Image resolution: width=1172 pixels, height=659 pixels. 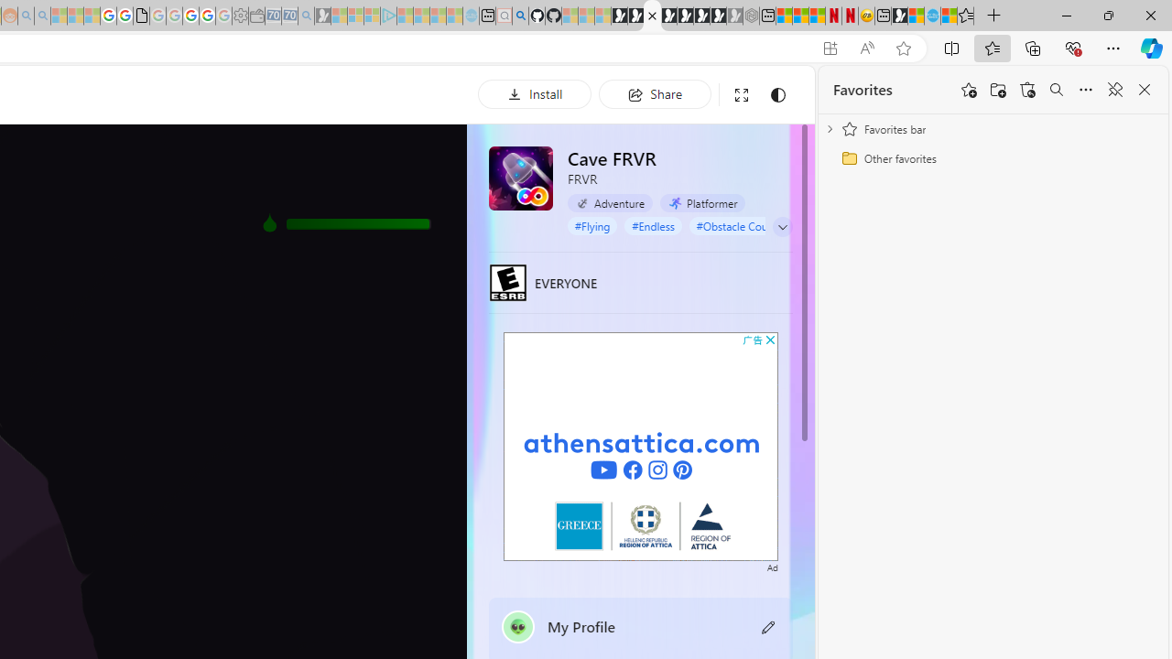 What do you see at coordinates (641, 446) in the screenshot?
I see `'Advertisement'` at bounding box center [641, 446].